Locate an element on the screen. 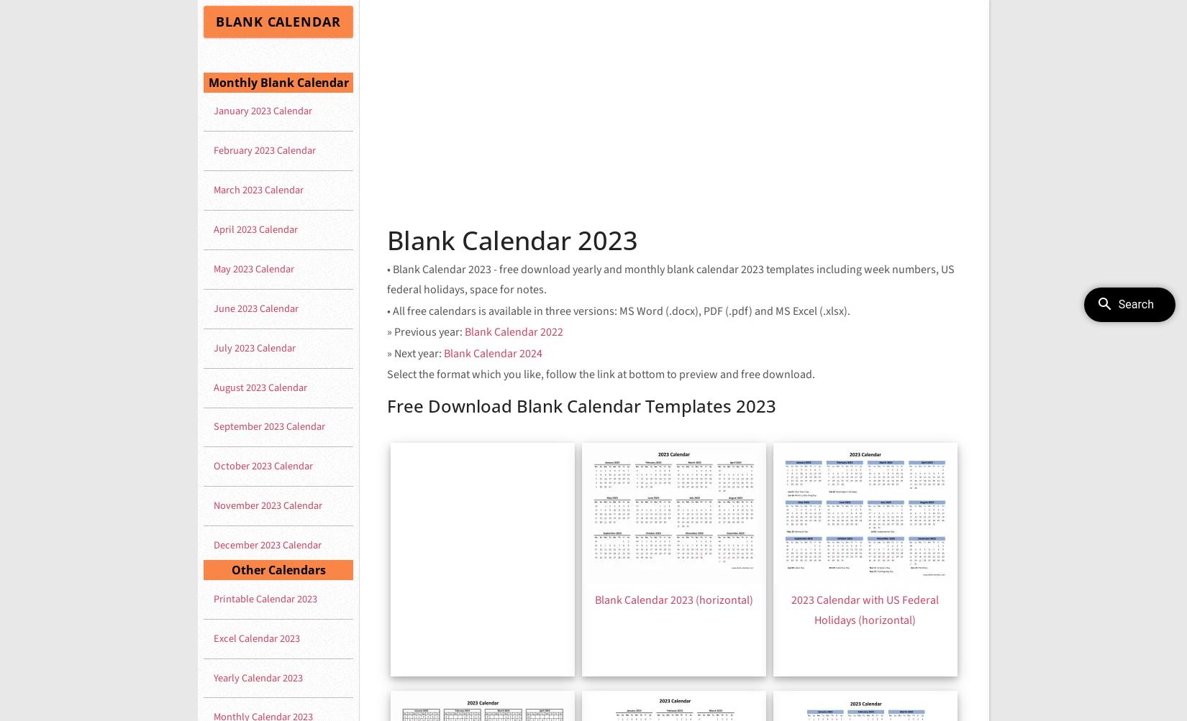 The width and height of the screenshot is (1187, 721). 'Printable Calendar 2023' is located at coordinates (265, 598).